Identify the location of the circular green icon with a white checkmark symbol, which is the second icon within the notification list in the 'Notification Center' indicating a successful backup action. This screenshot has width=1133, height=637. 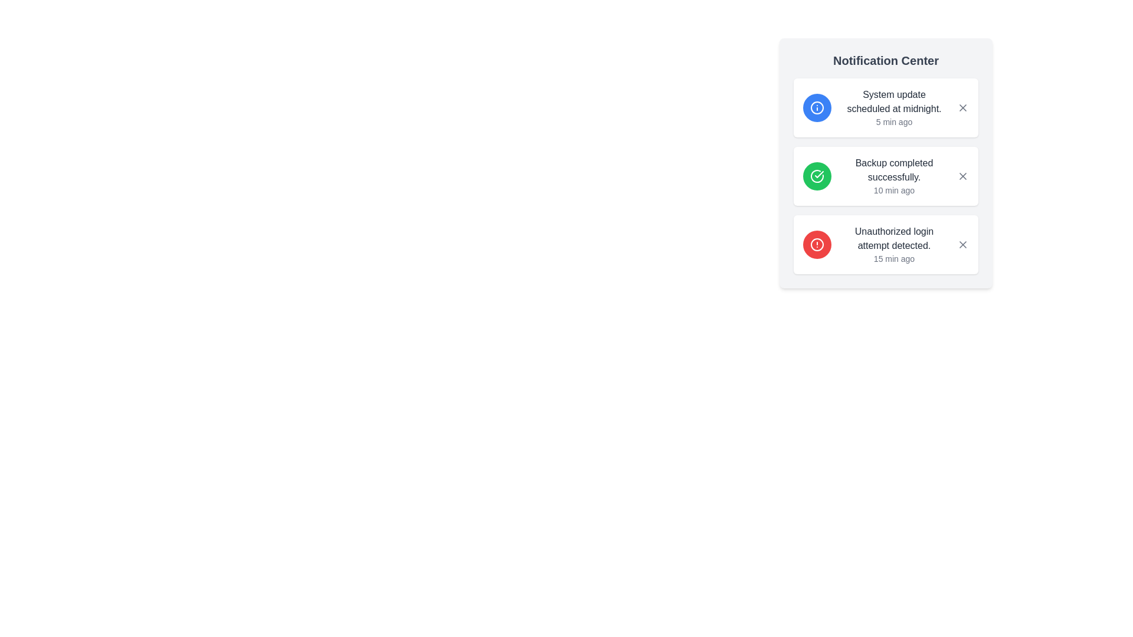
(817, 176).